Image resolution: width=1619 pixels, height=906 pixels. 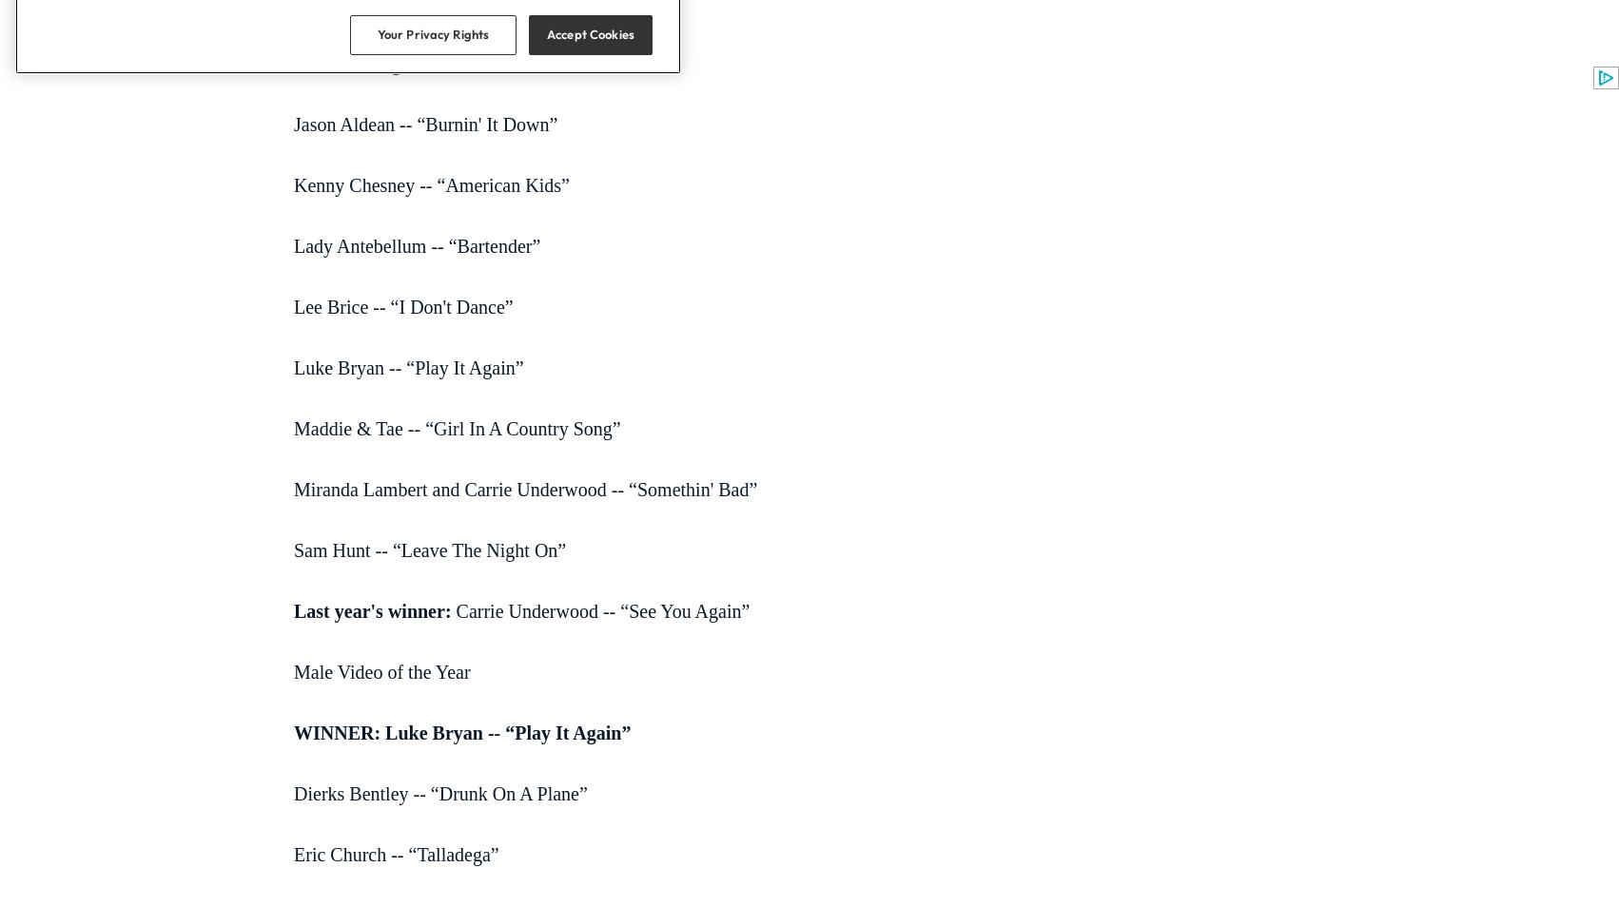 What do you see at coordinates (439, 792) in the screenshot?
I see `'Dierks Bentley -- “Drunk On A Plane”'` at bounding box center [439, 792].